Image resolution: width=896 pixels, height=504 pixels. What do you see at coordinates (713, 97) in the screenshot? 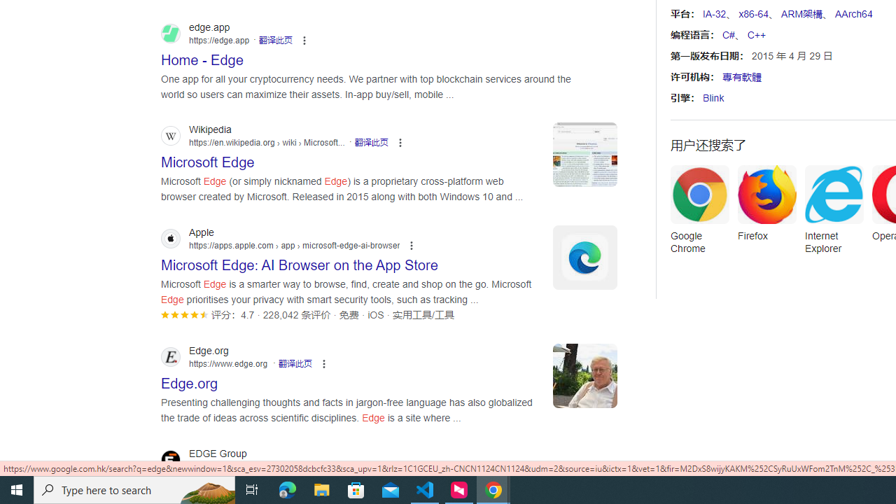
I see `'Blink'` at bounding box center [713, 97].